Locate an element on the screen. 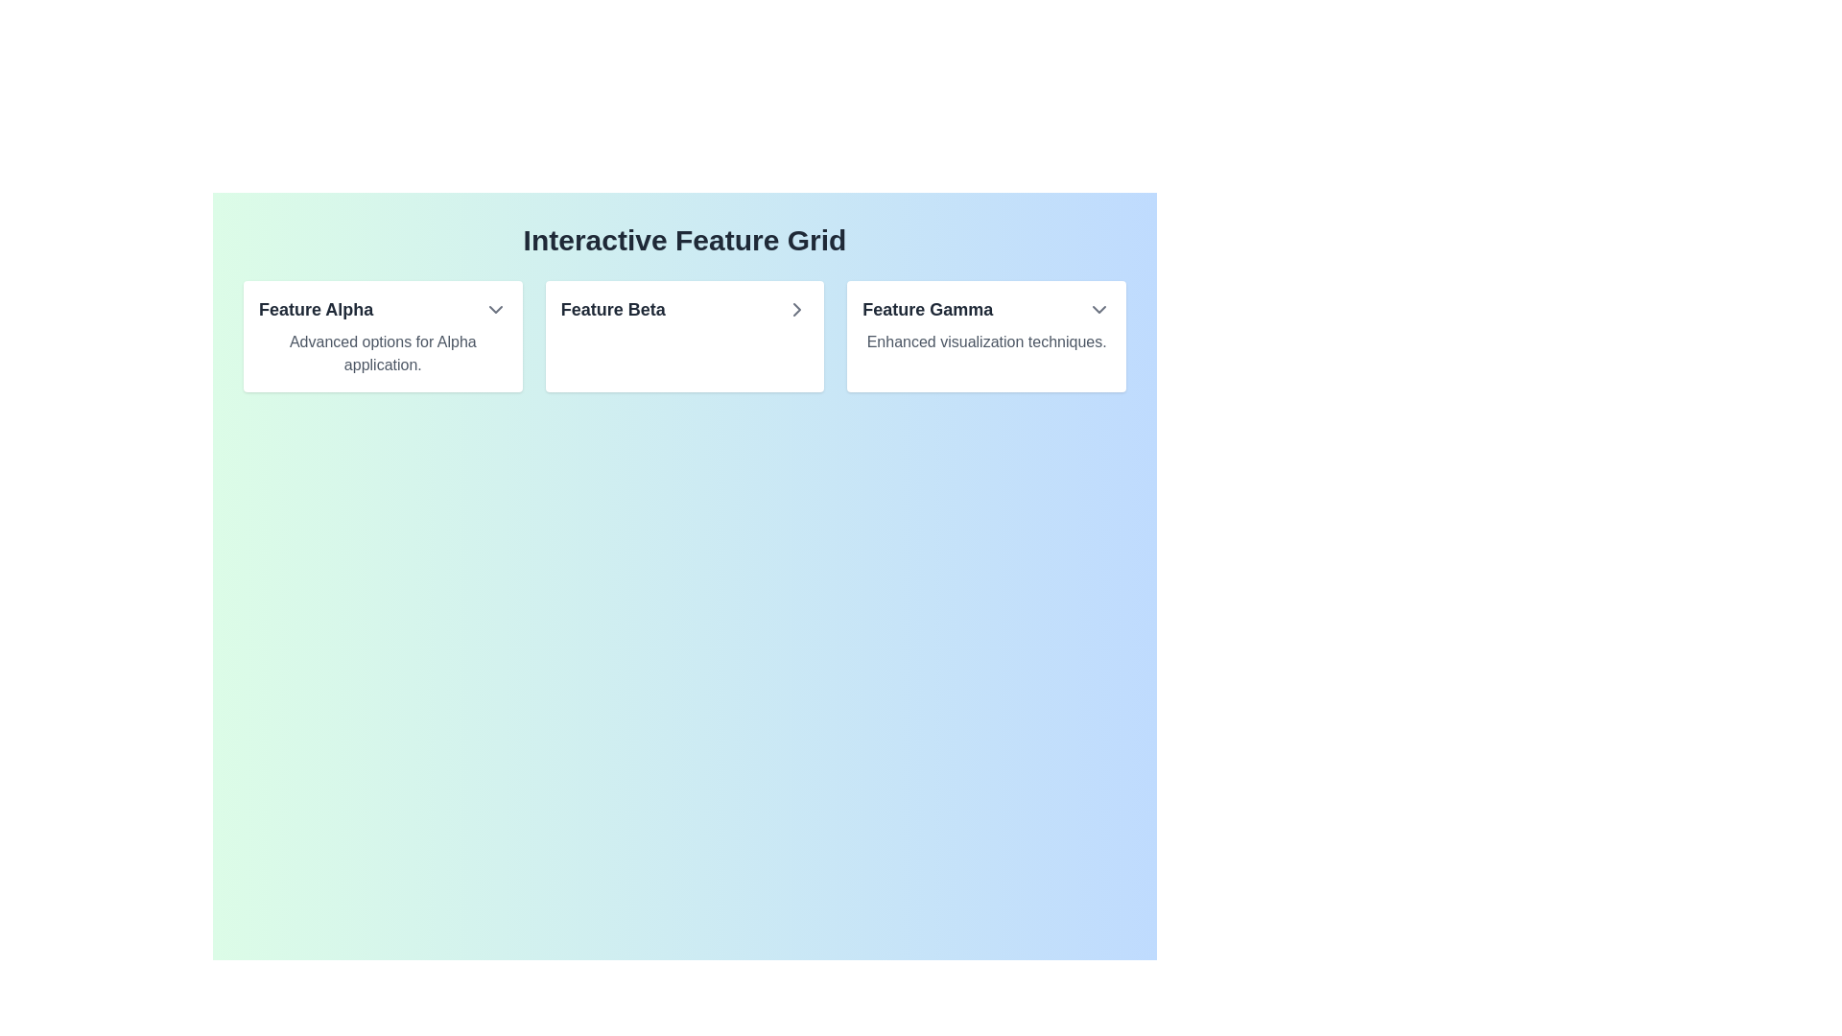 This screenshot has width=1842, height=1036. descriptive text located directly below the heading 'Feature Alpha' in the leftmost card of the layout is located at coordinates (383, 354).